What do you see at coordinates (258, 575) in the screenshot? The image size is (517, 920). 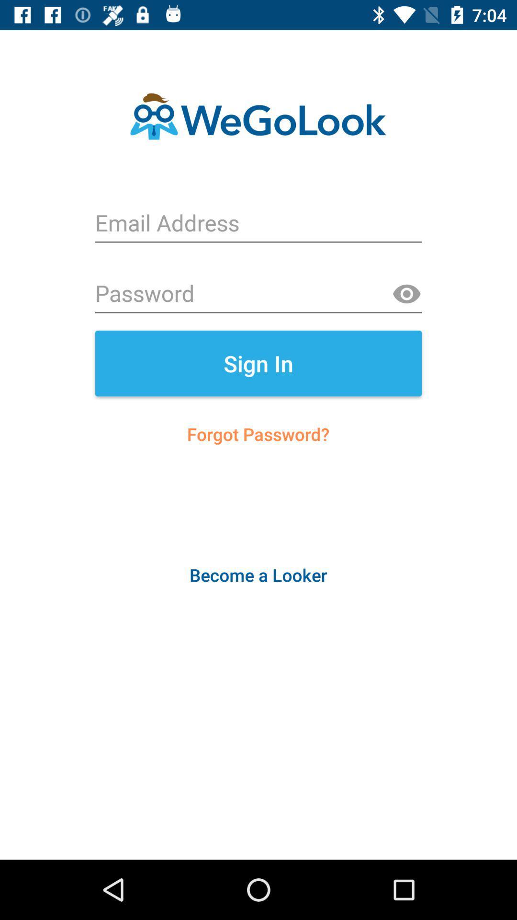 I see `item below forgot password?` at bounding box center [258, 575].